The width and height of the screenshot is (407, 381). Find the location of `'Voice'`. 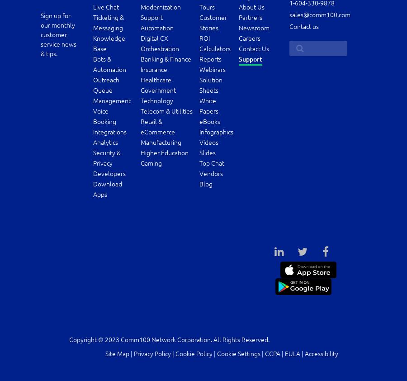

'Voice' is located at coordinates (93, 111).